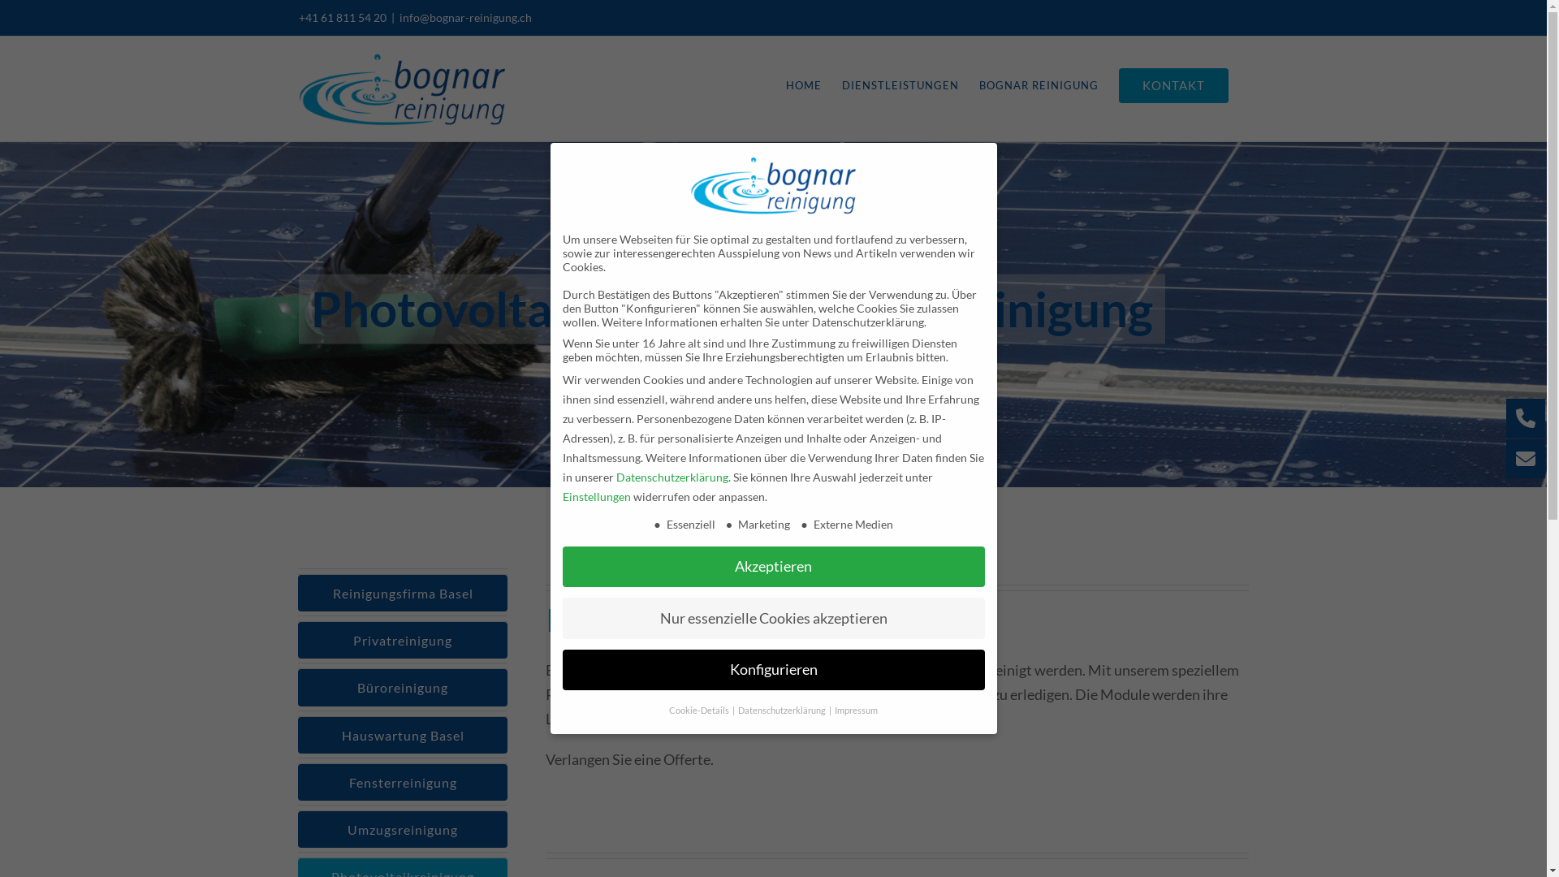  Describe the element at coordinates (402, 639) in the screenshot. I see `'Privatreinigung'` at that location.